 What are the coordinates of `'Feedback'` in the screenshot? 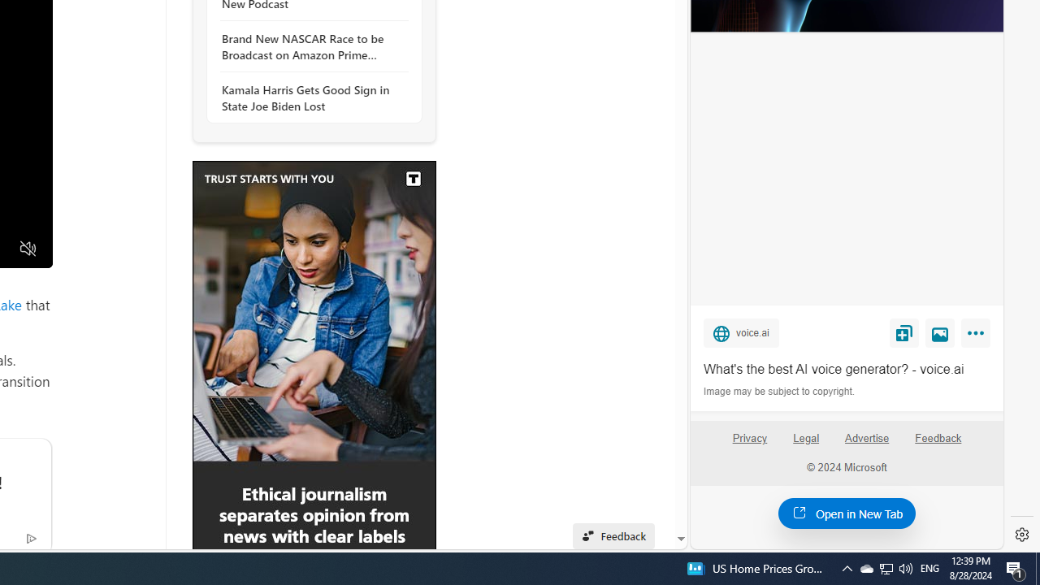 It's located at (938, 437).